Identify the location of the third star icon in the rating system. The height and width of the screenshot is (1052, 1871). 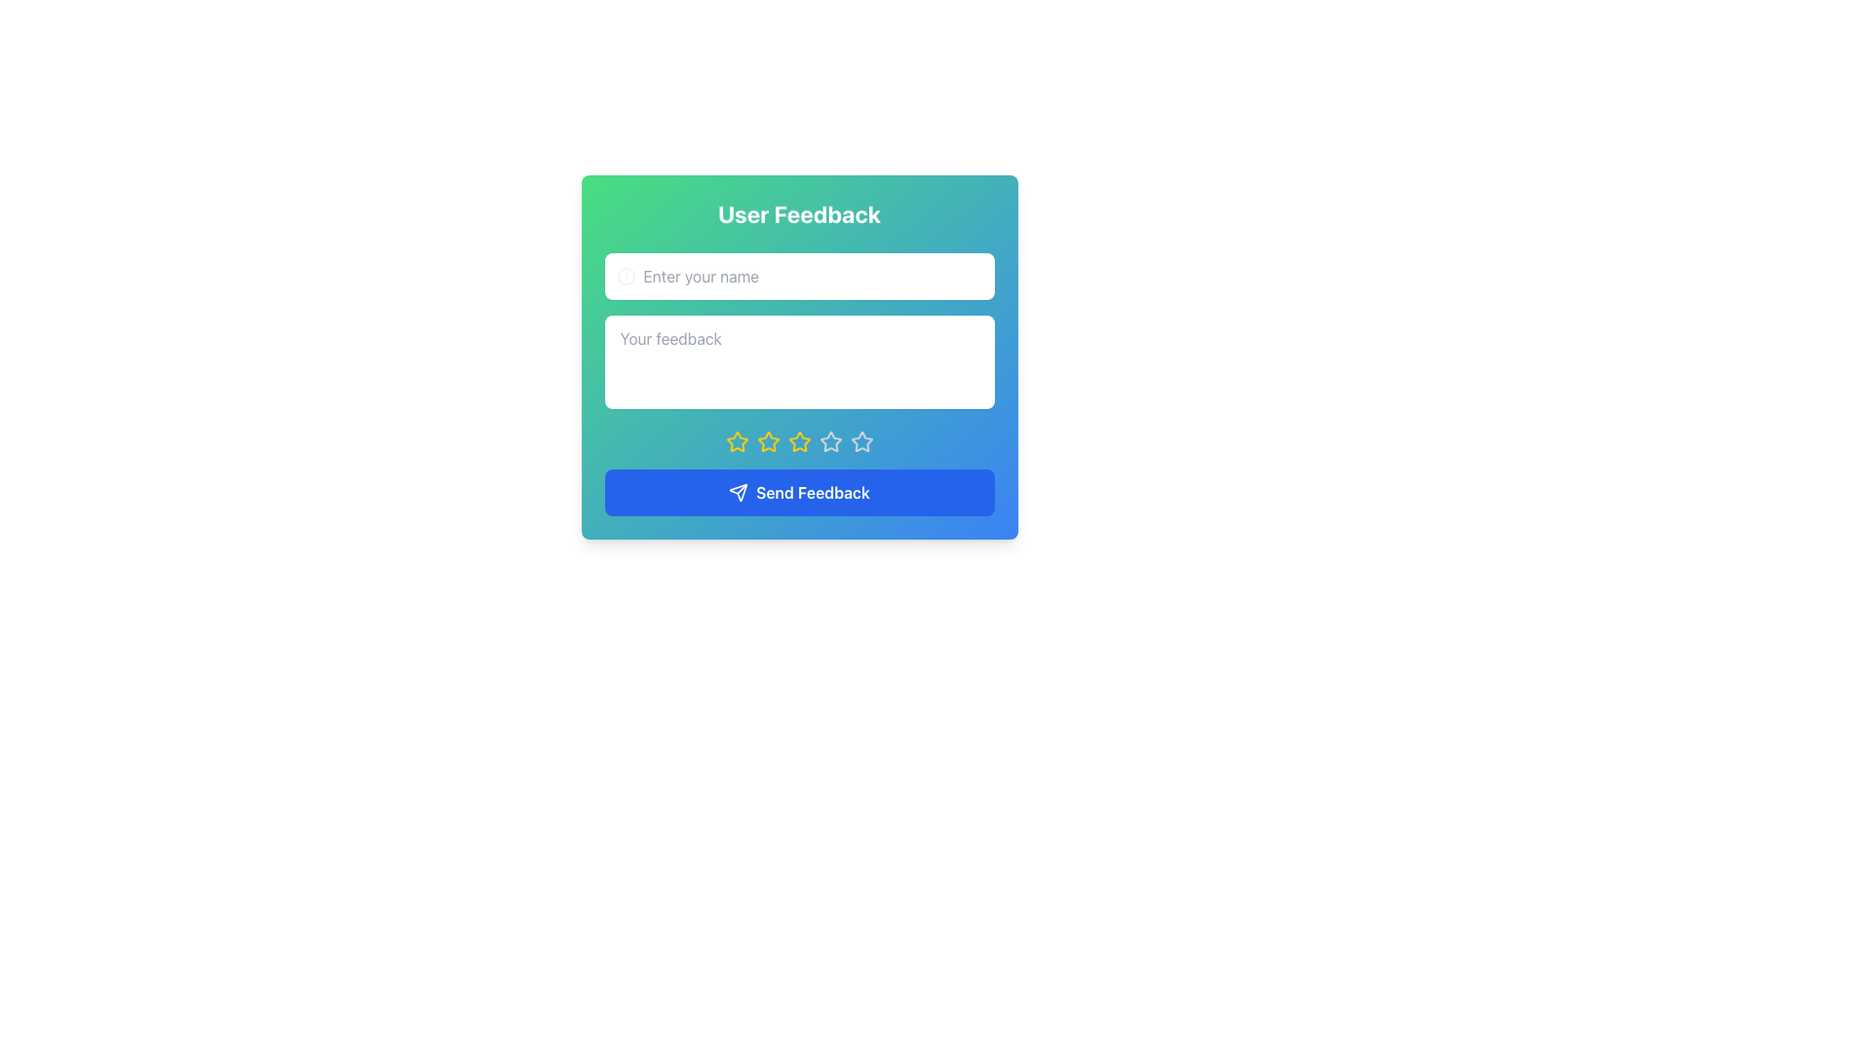
(799, 441).